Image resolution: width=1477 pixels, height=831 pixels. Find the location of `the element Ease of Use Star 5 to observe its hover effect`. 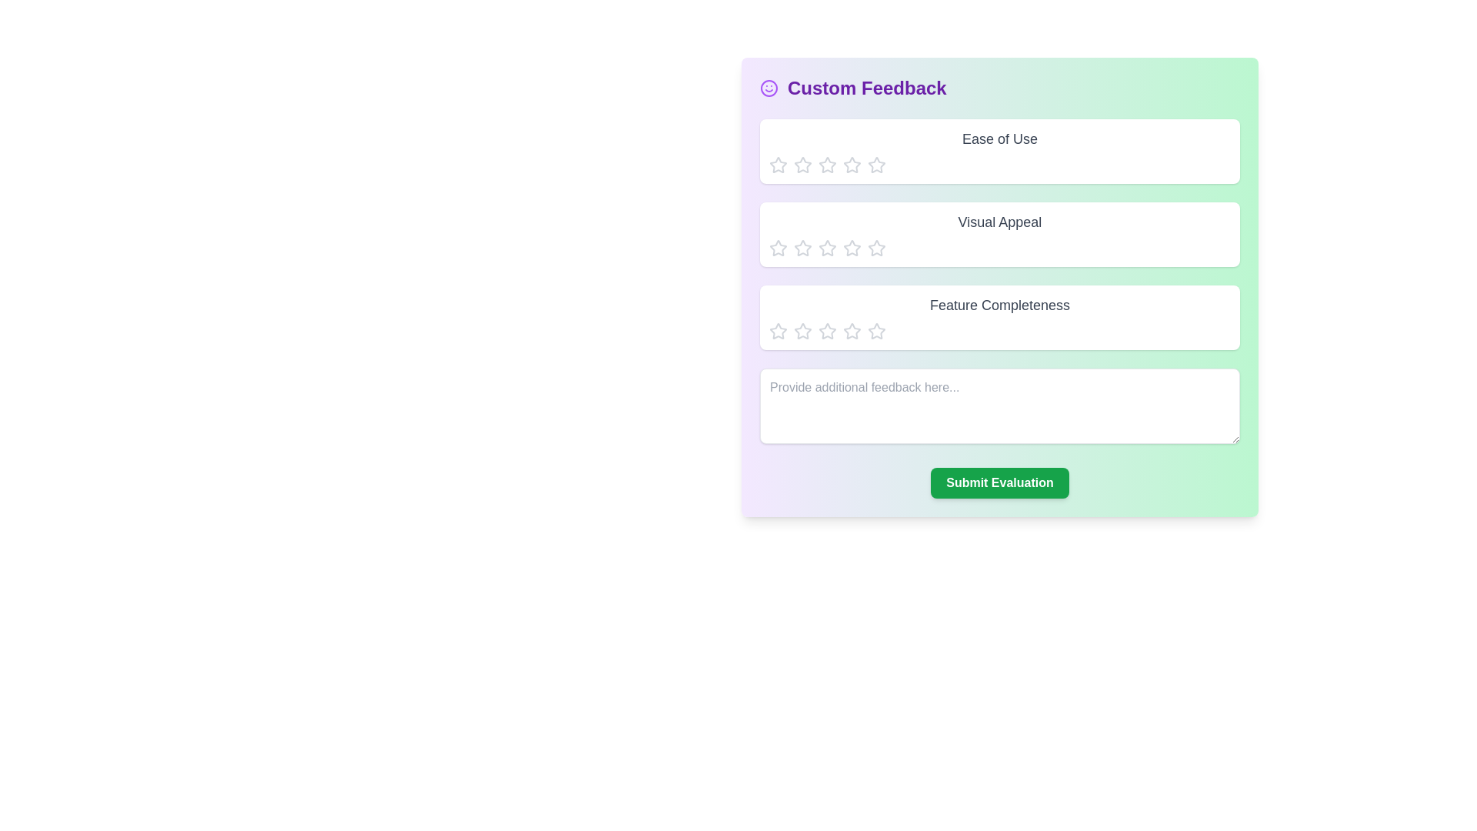

the element Ease of Use Star 5 to observe its hover effect is located at coordinates (877, 165).